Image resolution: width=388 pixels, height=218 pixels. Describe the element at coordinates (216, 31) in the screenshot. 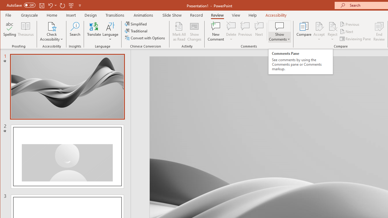

I see `'New Comment'` at that location.